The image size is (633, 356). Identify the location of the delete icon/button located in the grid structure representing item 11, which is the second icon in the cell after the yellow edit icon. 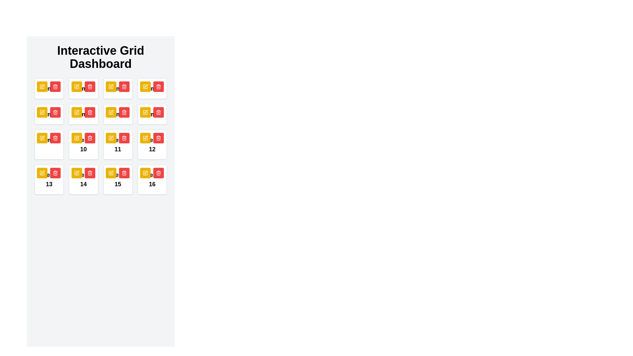
(124, 112).